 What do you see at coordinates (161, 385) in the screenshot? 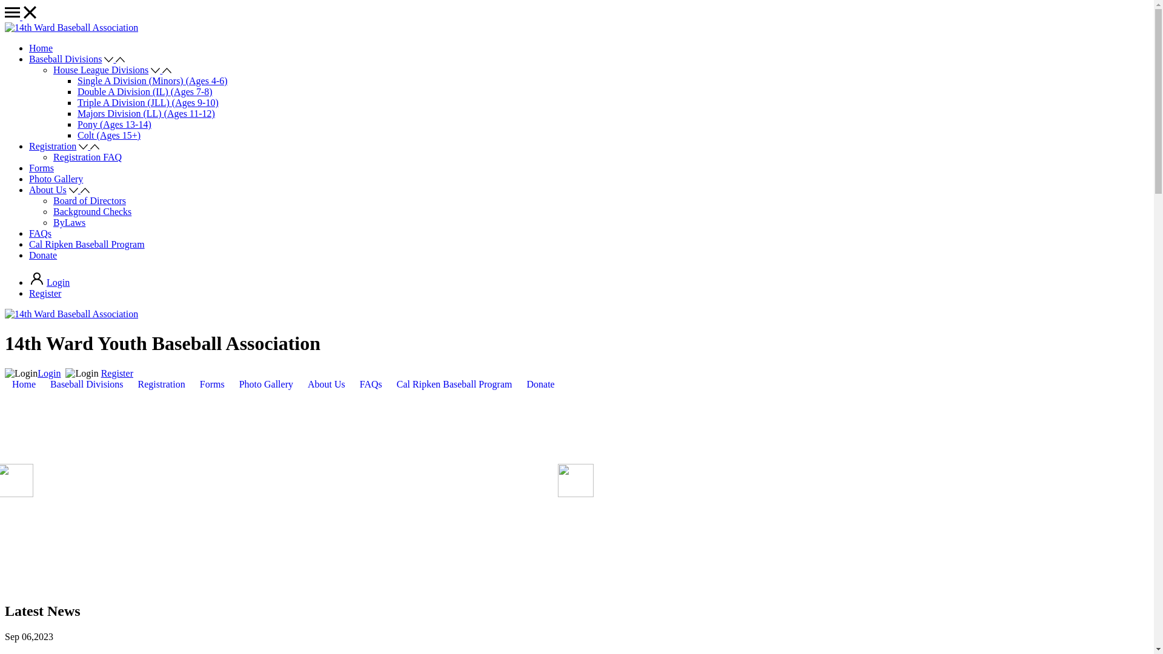
I see `'Registration'` at bounding box center [161, 385].